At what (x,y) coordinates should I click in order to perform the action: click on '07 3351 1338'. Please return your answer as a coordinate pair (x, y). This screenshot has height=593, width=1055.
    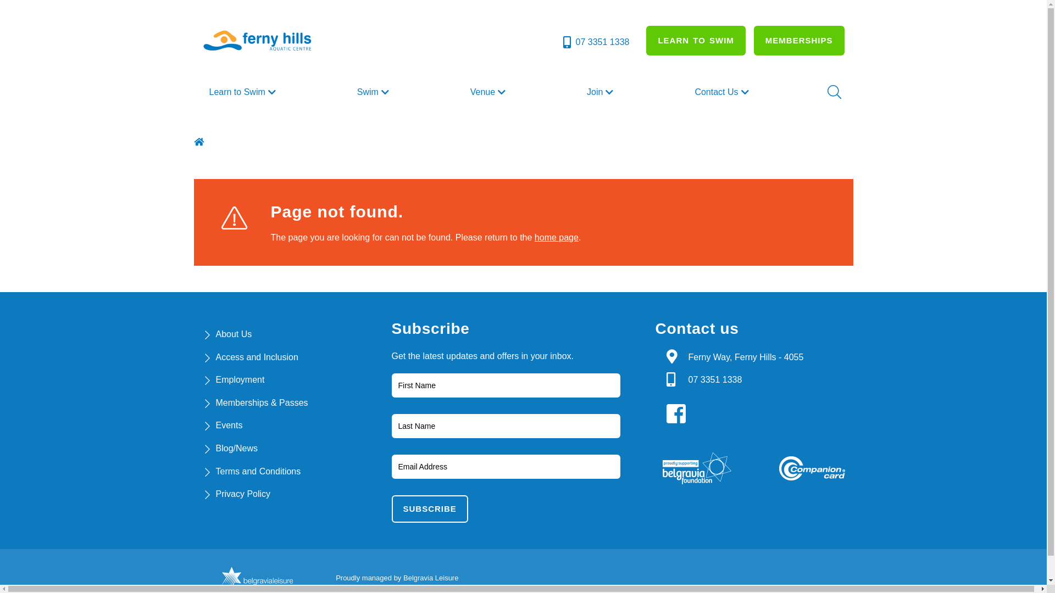
    Looking at the image, I should click on (687, 379).